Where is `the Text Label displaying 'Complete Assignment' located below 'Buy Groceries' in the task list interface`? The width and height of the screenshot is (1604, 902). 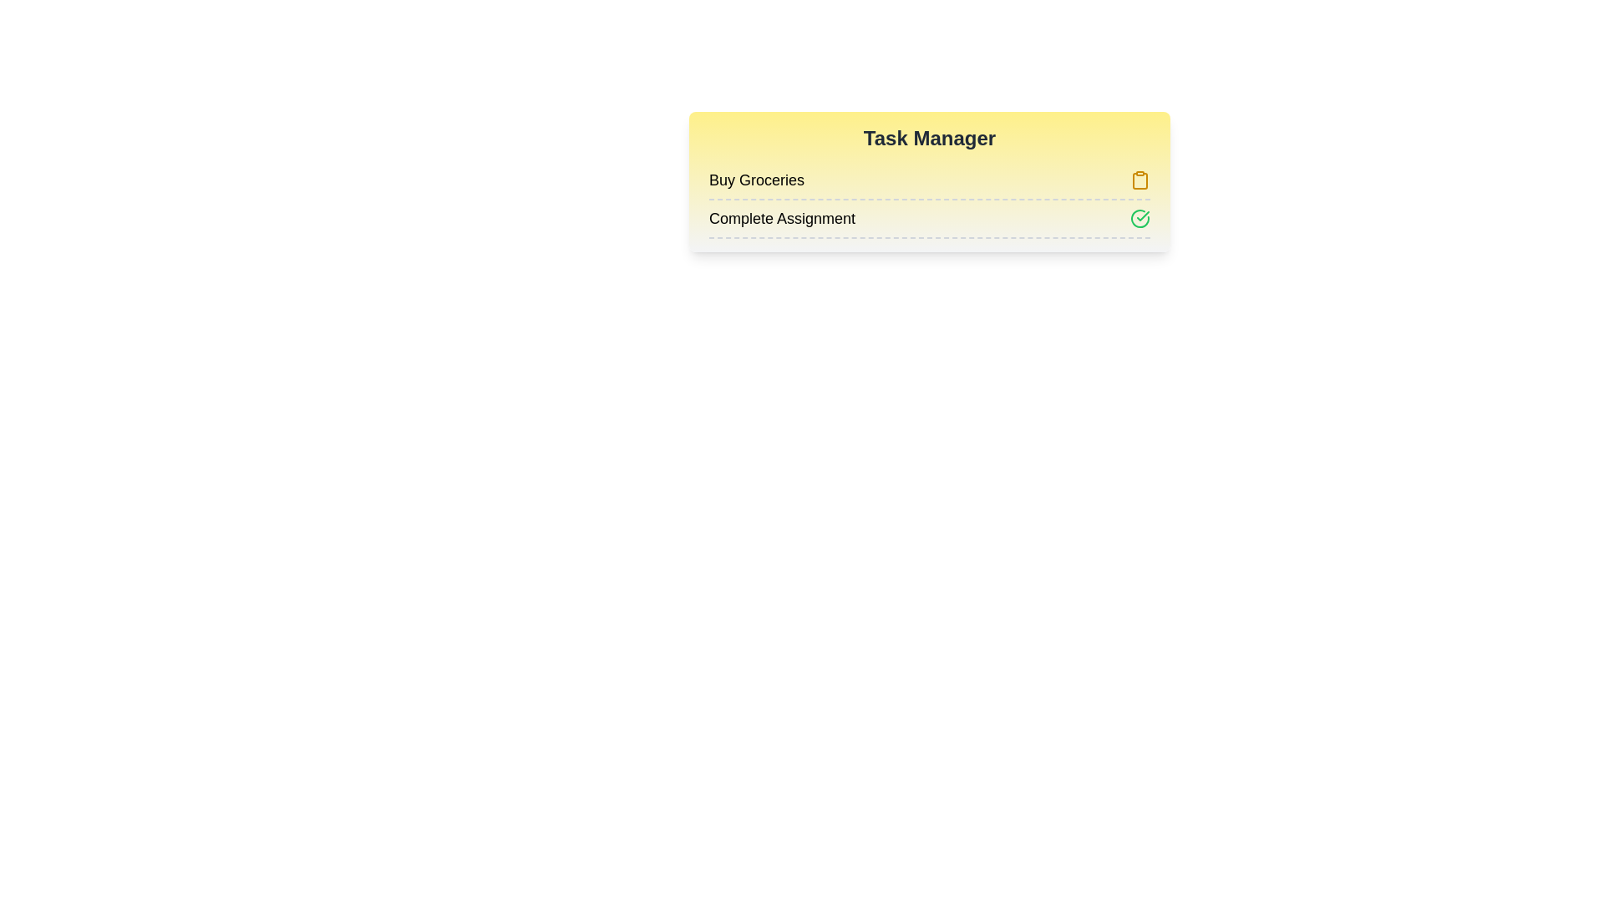
the Text Label displaying 'Complete Assignment' located below 'Buy Groceries' in the task list interface is located at coordinates (781, 218).